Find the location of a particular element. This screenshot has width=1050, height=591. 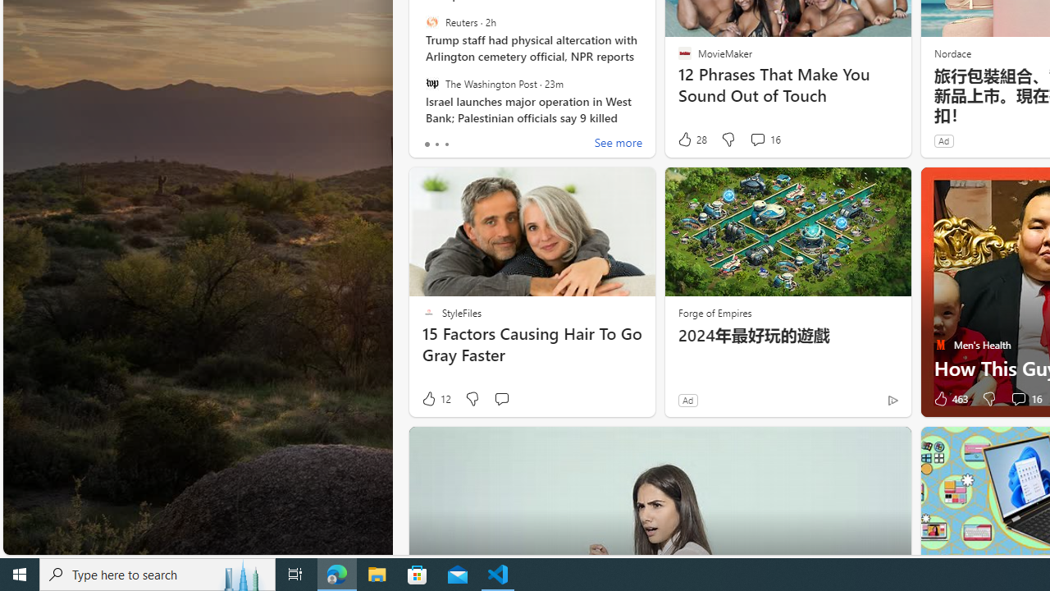

'28 Like' is located at coordinates (692, 139).